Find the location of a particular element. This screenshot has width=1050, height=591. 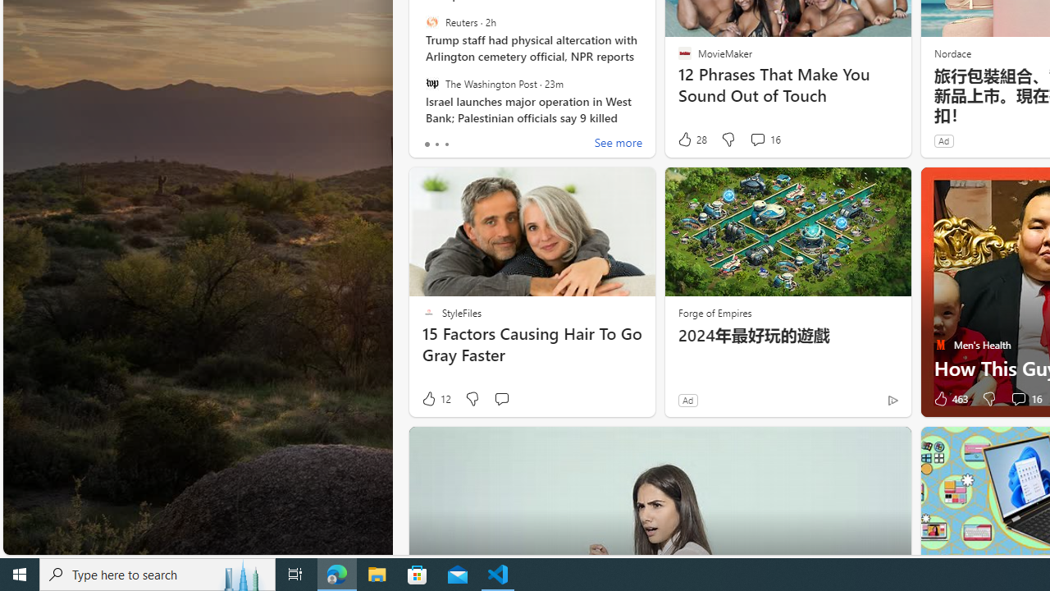

'28 Like' is located at coordinates (692, 139).